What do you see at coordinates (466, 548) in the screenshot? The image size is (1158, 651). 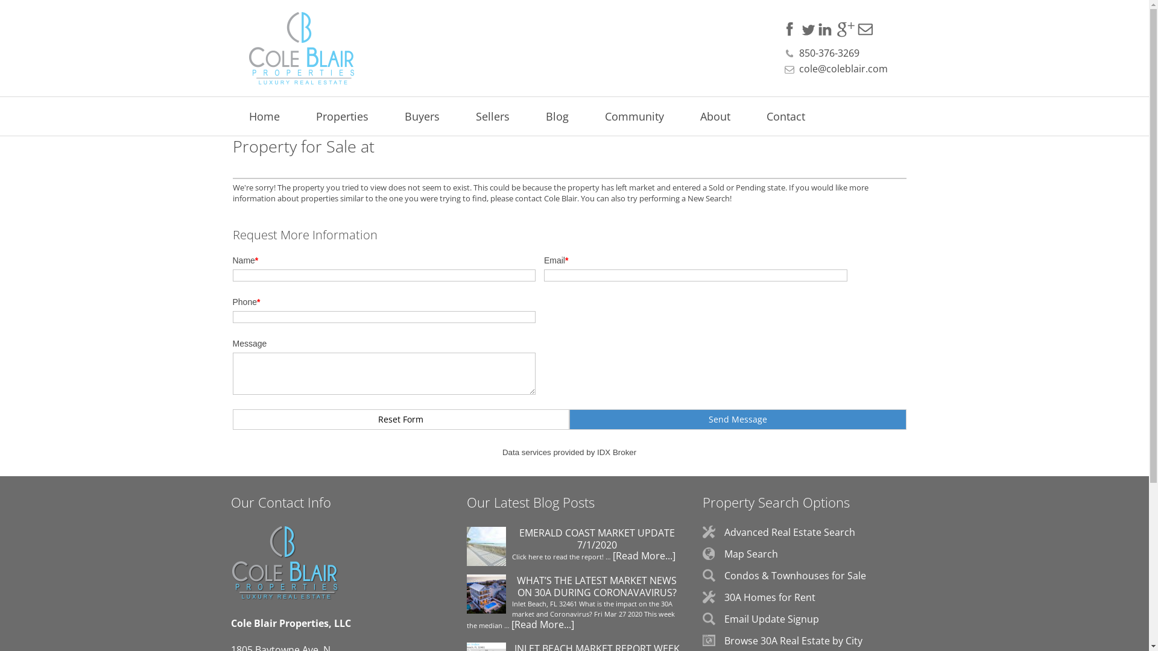 I see `'EMERALD COAST MARKET UPDATE 7/1/2020'` at bounding box center [466, 548].